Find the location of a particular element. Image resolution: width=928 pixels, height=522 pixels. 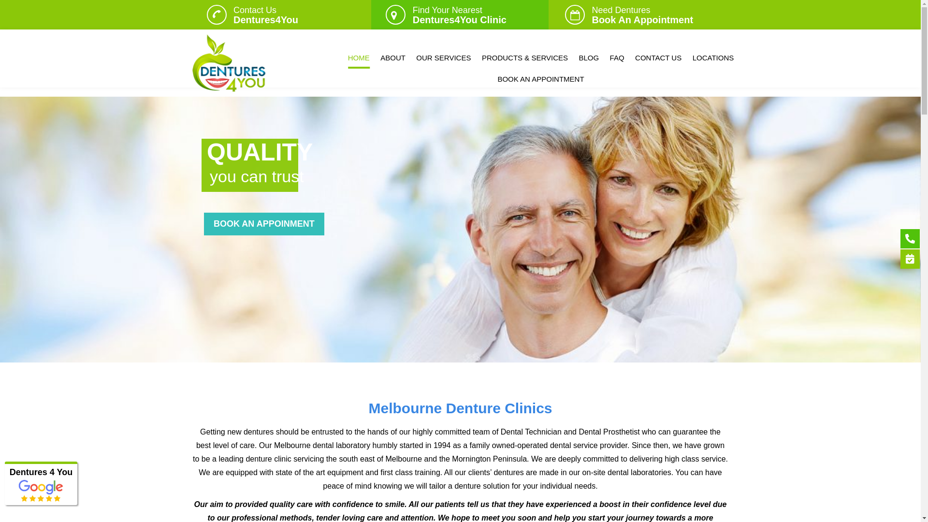

'OUR SERVICES' is located at coordinates (443, 58).